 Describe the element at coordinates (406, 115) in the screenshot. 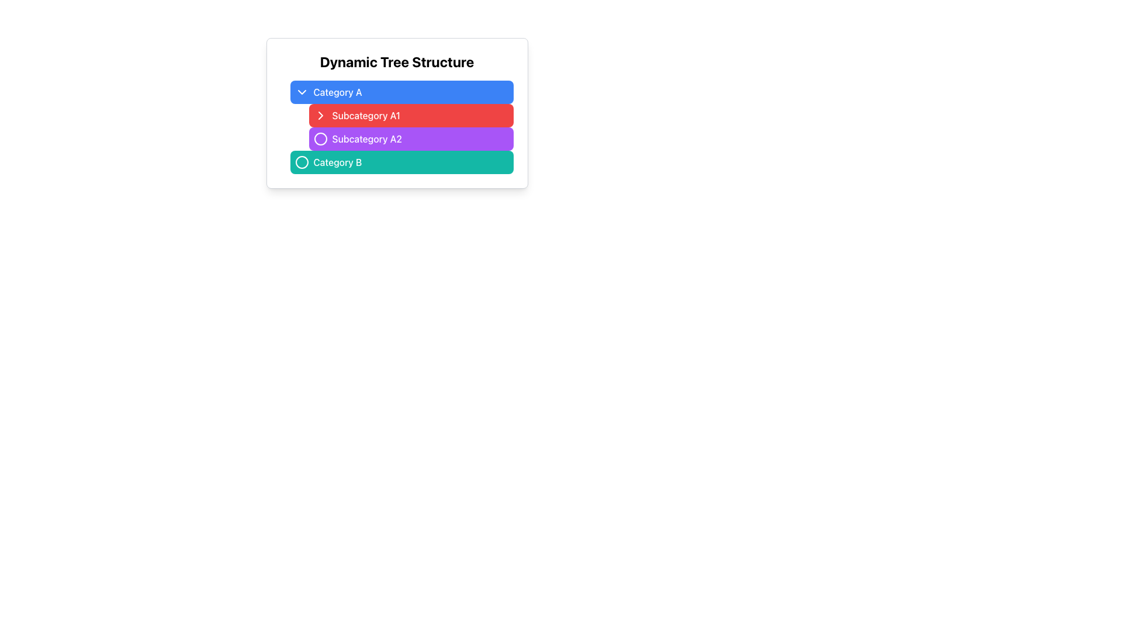

I see `the 'Subcategory A1' button, which is a red rectangular button with white text and a chevron-right icon` at that location.